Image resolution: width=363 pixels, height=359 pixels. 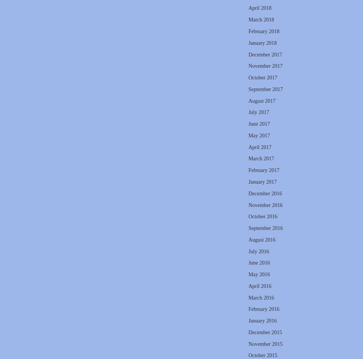 What do you see at coordinates (265, 88) in the screenshot?
I see `'September 2017'` at bounding box center [265, 88].